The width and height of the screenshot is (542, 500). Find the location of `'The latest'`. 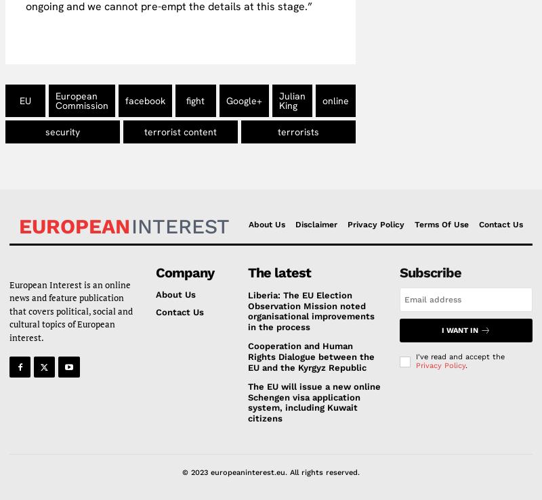

'The latest' is located at coordinates (279, 272).